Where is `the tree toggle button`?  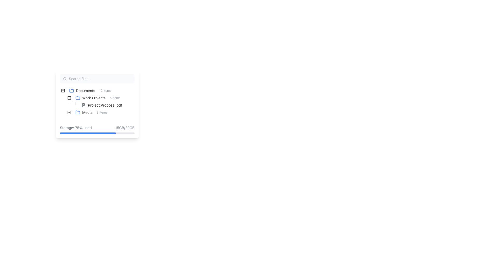 the tree toggle button is located at coordinates (69, 98).